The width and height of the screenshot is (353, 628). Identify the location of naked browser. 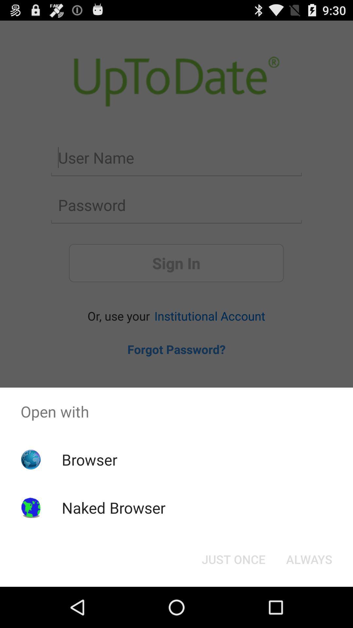
(113, 507).